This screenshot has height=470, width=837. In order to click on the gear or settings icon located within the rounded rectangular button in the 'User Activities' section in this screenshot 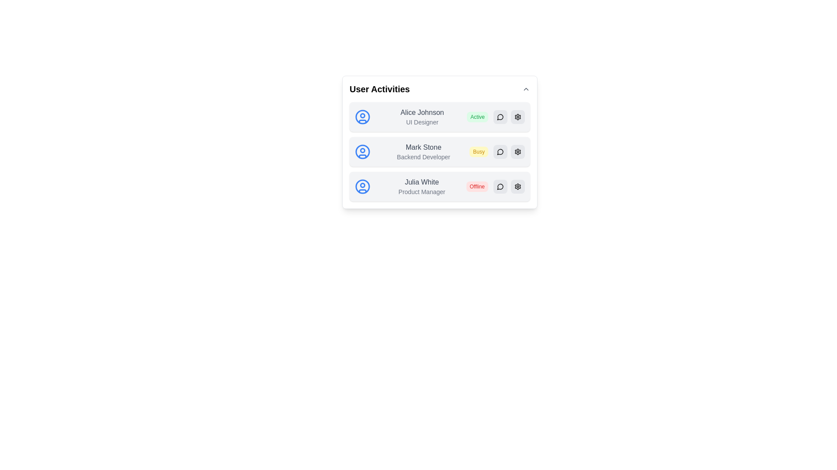, I will do `click(518, 117)`.